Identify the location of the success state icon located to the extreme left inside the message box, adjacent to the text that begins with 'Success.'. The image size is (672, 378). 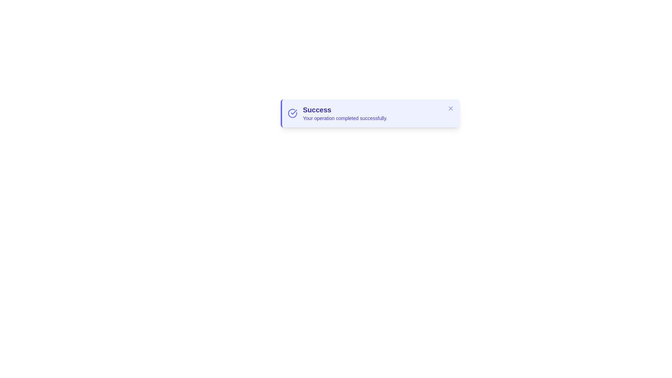
(292, 113).